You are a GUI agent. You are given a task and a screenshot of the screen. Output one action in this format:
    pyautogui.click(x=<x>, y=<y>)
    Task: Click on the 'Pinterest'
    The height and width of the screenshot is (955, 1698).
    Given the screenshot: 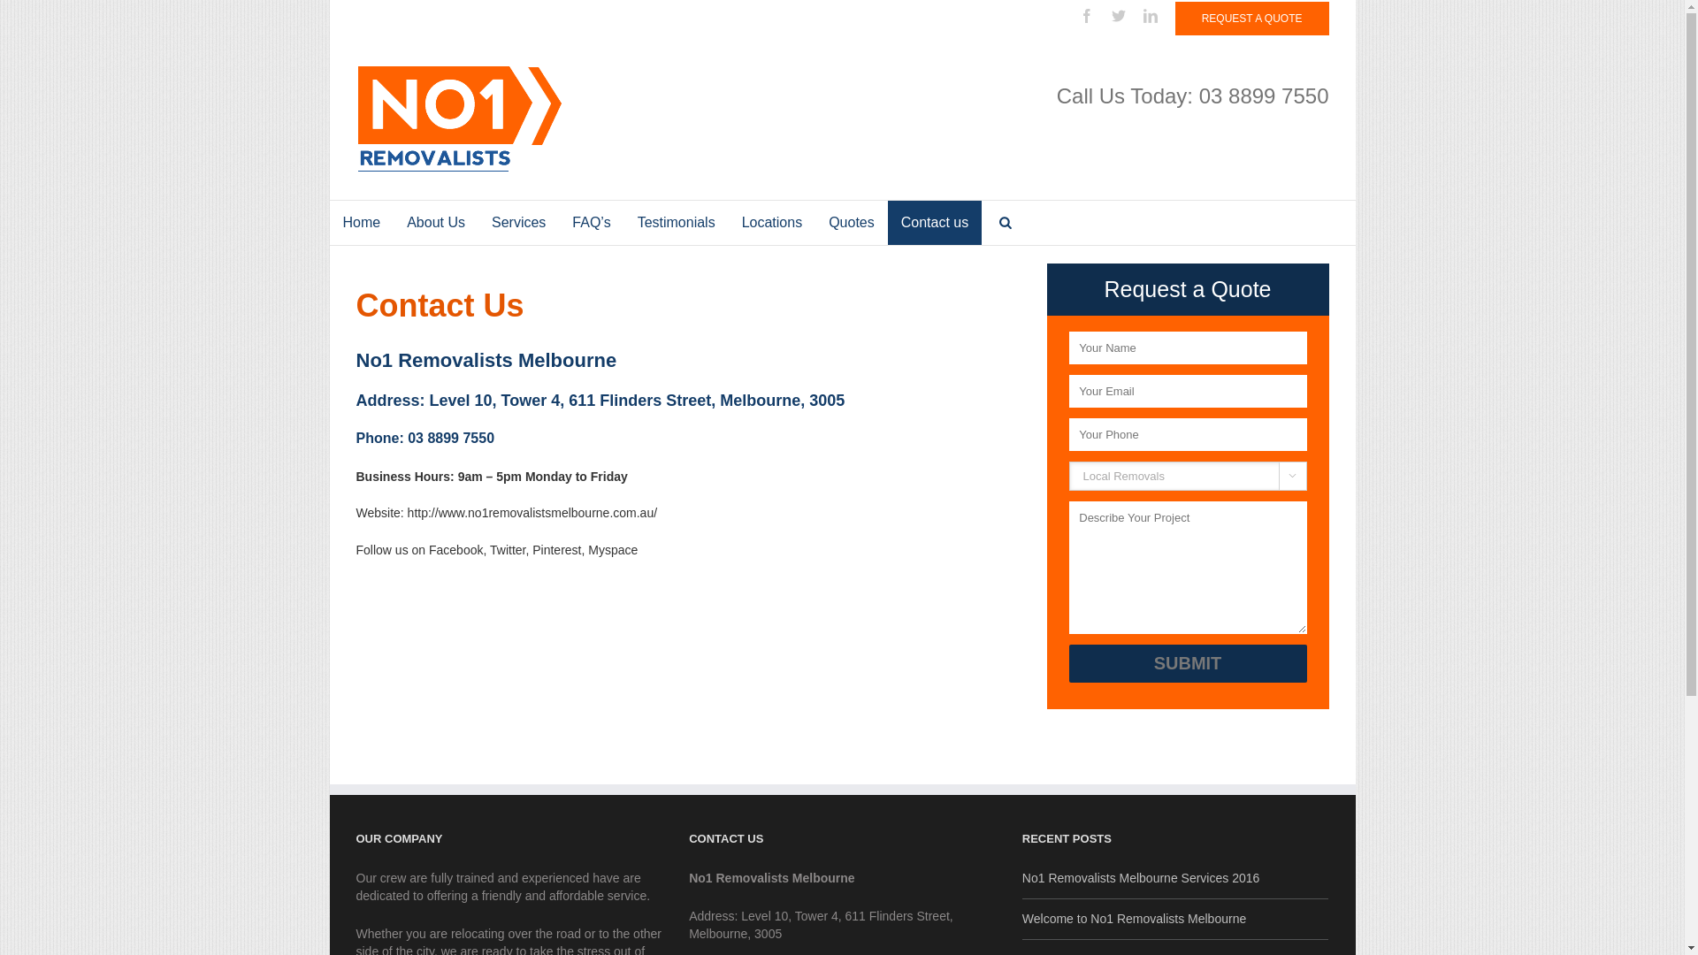 What is the action you would take?
    pyautogui.click(x=555, y=548)
    